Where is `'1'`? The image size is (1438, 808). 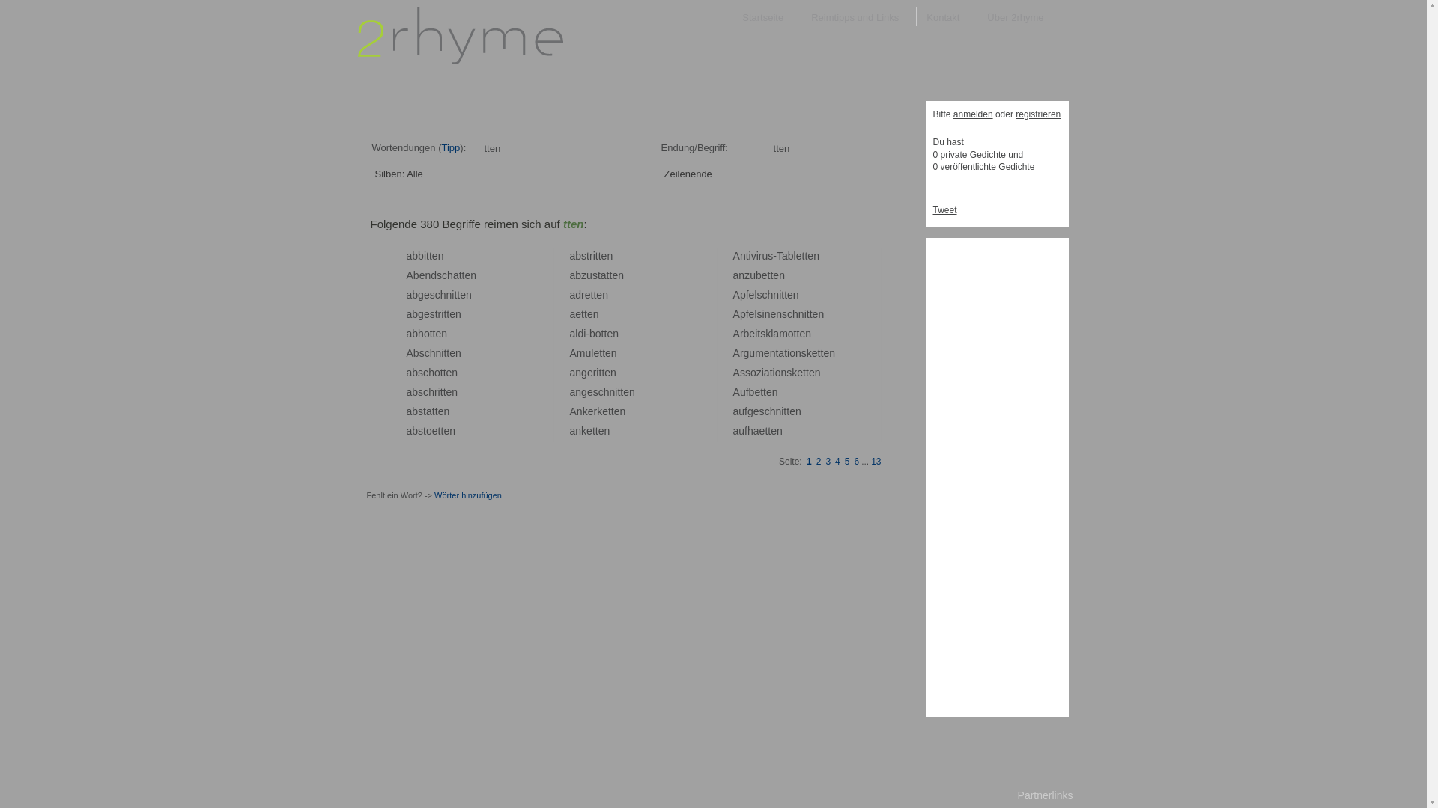 '1' is located at coordinates (808, 461).